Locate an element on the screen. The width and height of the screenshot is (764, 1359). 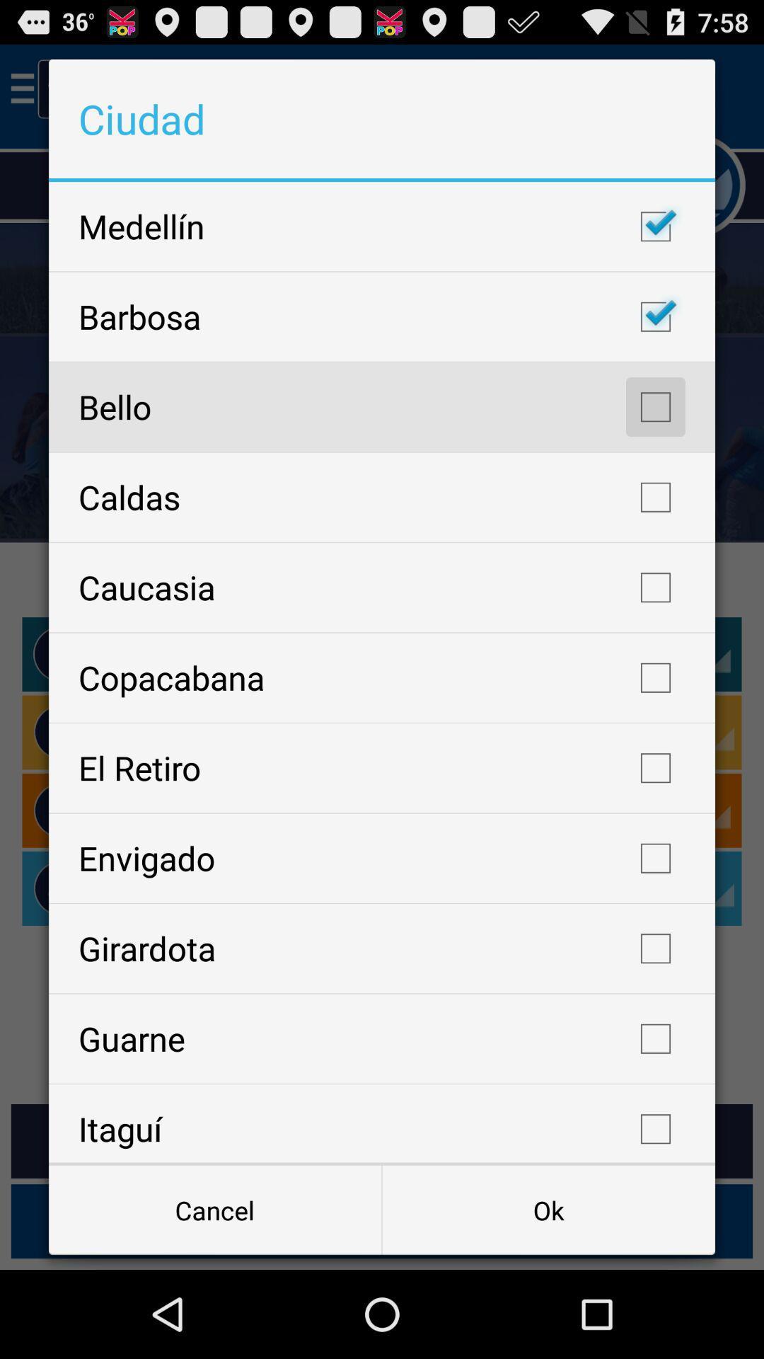
the button to the left of ok icon is located at coordinates (215, 1209).